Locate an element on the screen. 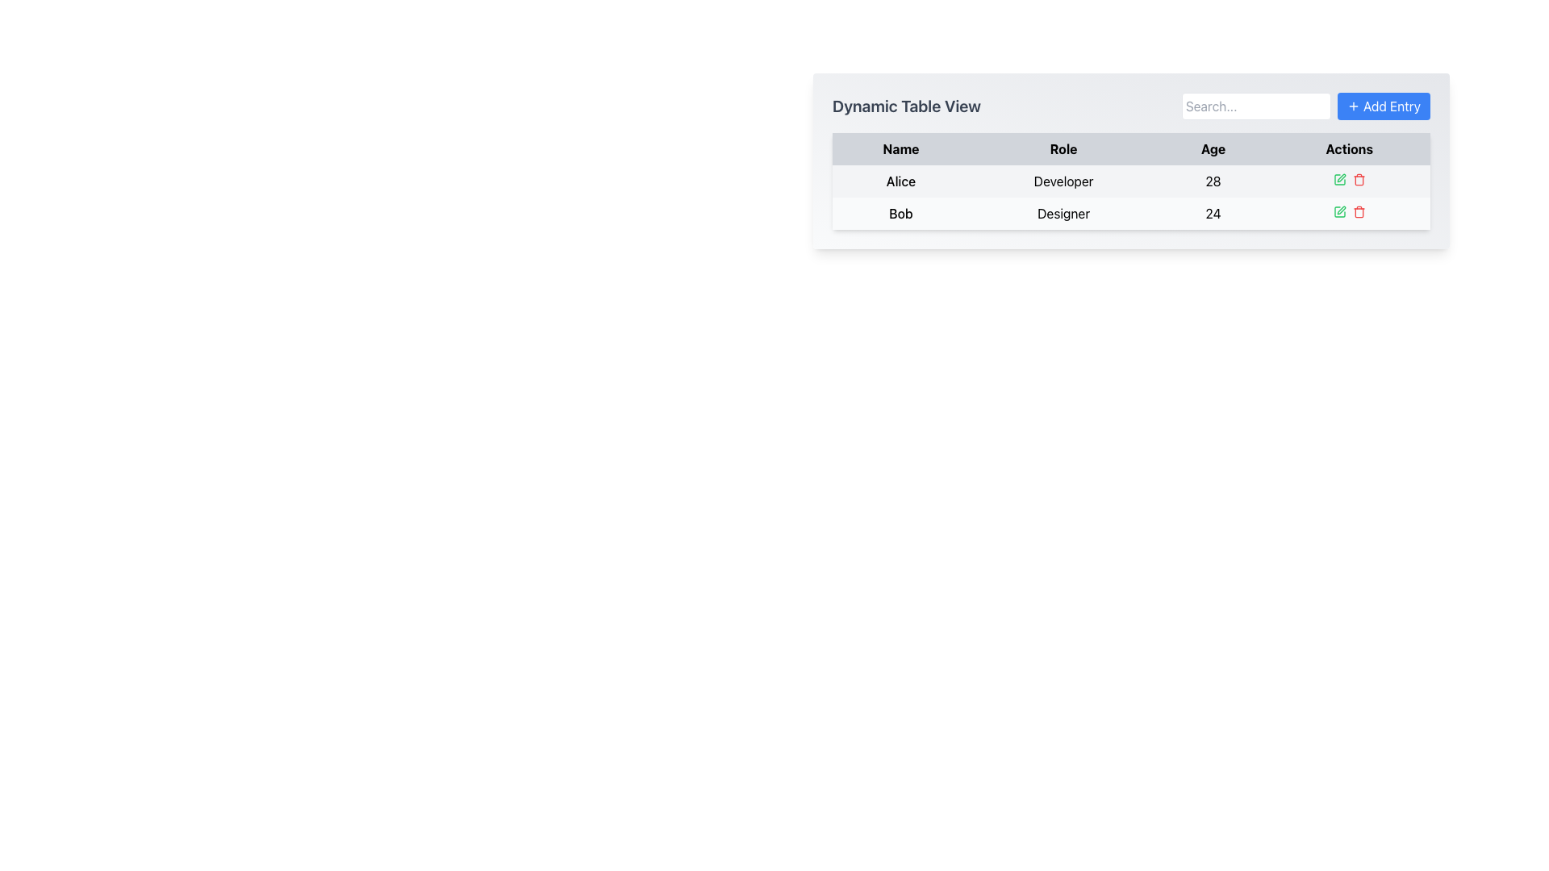 This screenshot has width=1549, height=871. the number '28' element, which is the third column in the row listing details of 'Alice', styled with black color font and positioned to the right of the 'Developer' cell is located at coordinates (1213, 181).